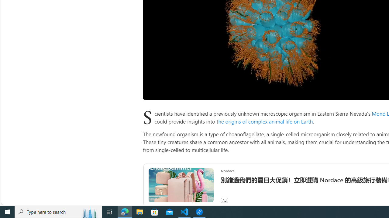 This screenshot has width=389, height=218. What do you see at coordinates (266, 121) in the screenshot?
I see `'he origins of complex animal life on Earth'` at bounding box center [266, 121].